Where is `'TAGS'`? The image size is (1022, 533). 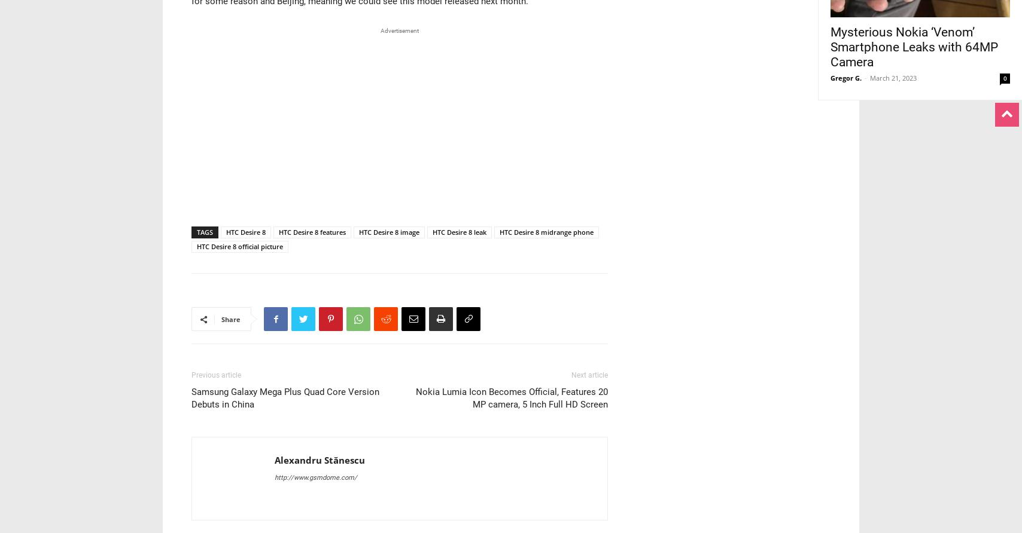 'TAGS' is located at coordinates (205, 231).